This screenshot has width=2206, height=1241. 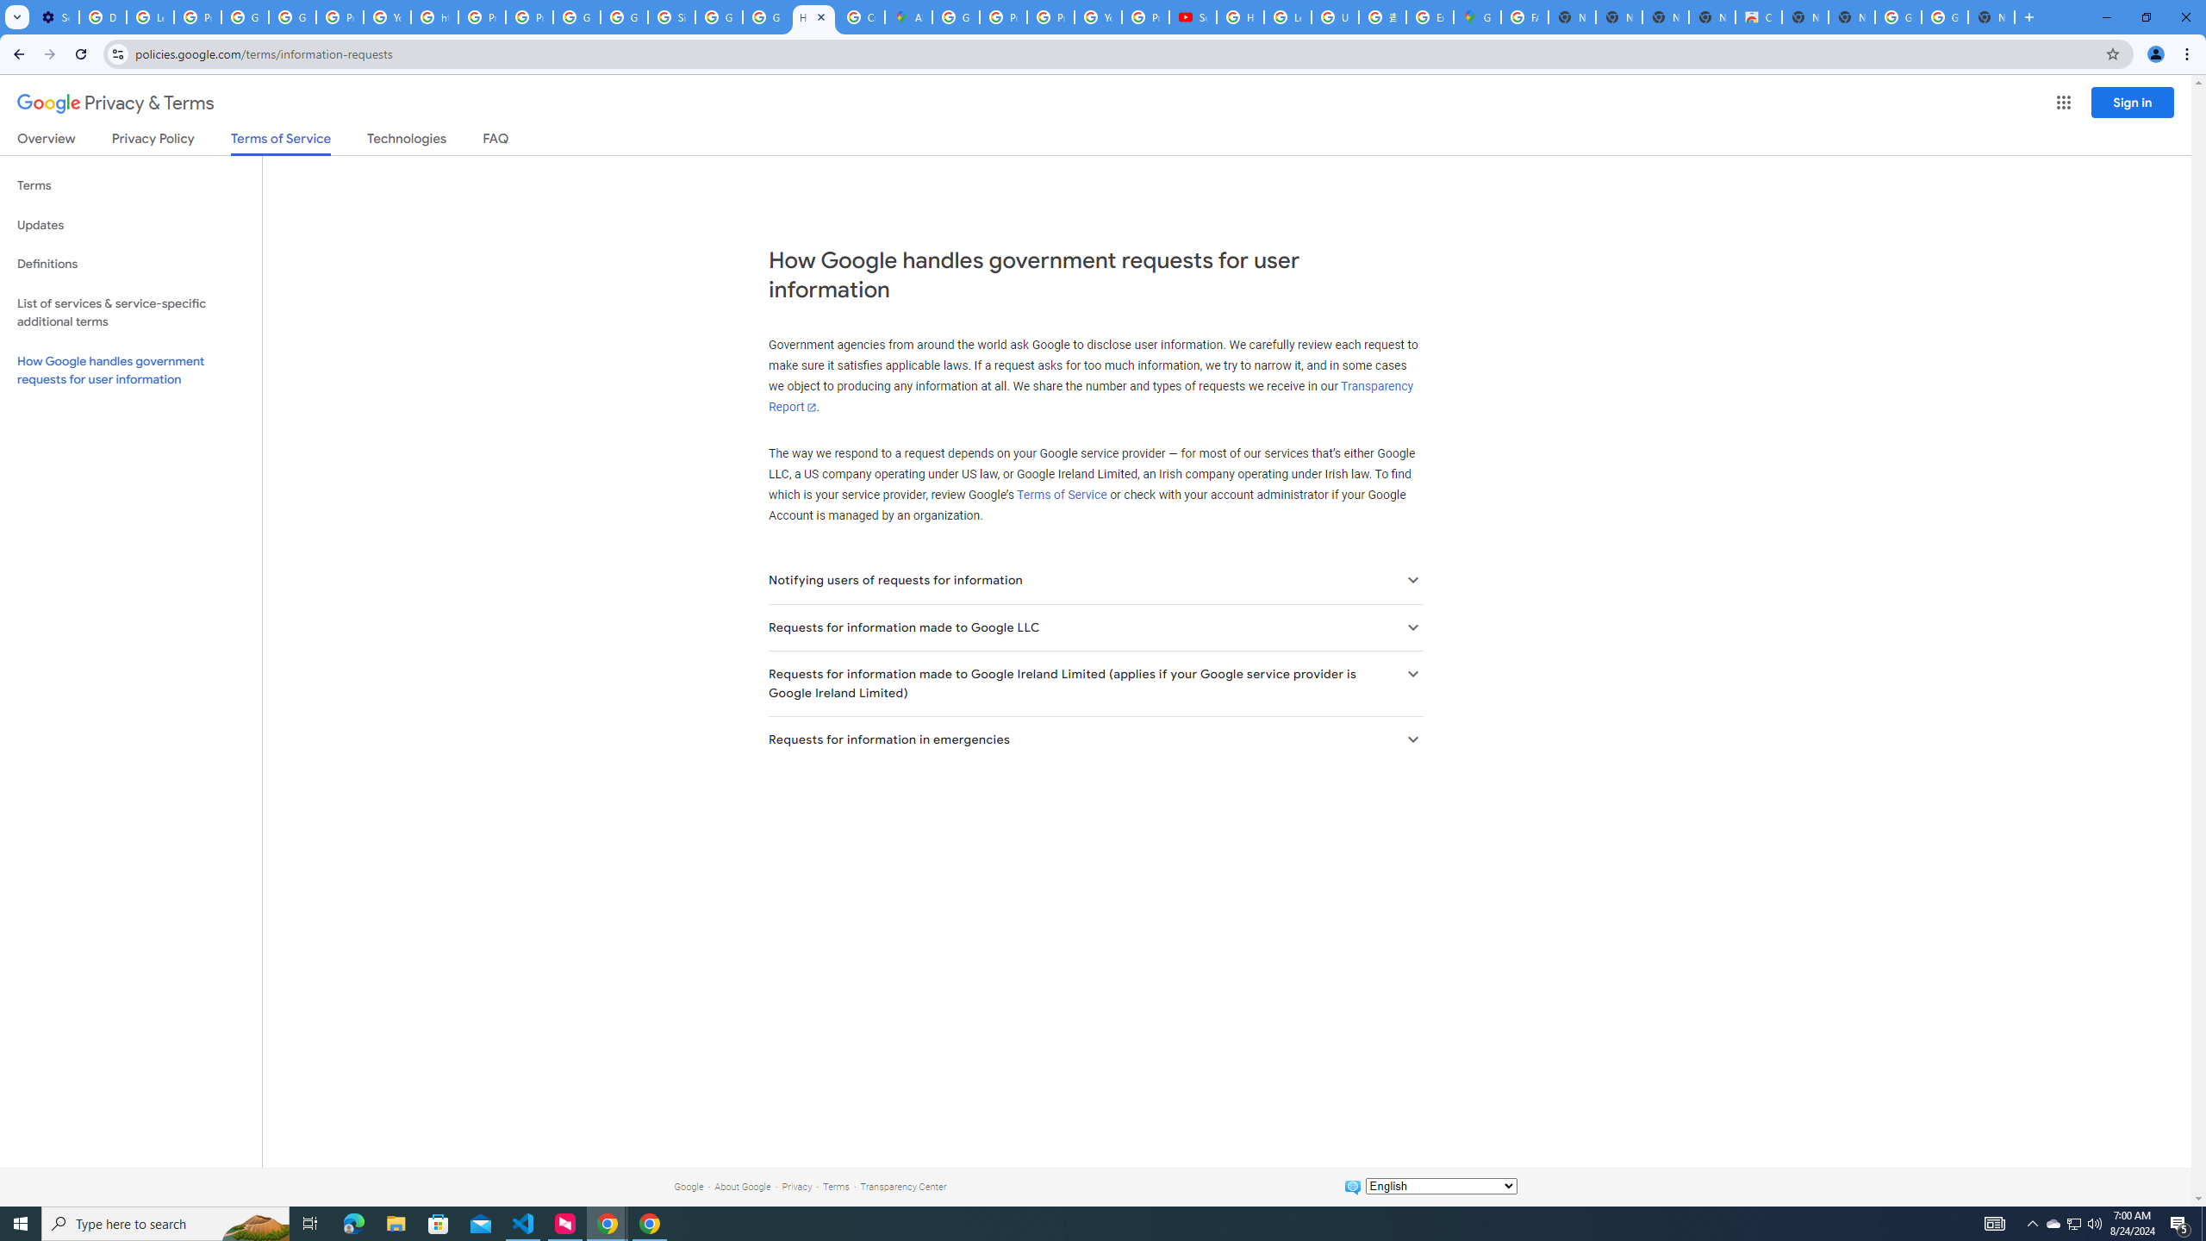 I want to click on 'Change language:', so click(x=1440, y=1184).